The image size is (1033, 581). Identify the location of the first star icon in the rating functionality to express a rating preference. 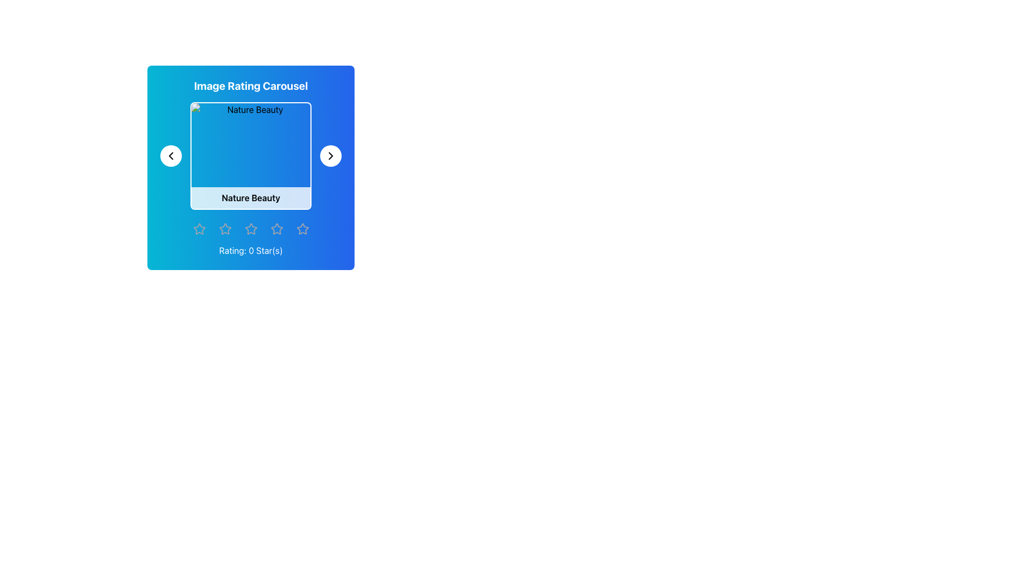
(199, 228).